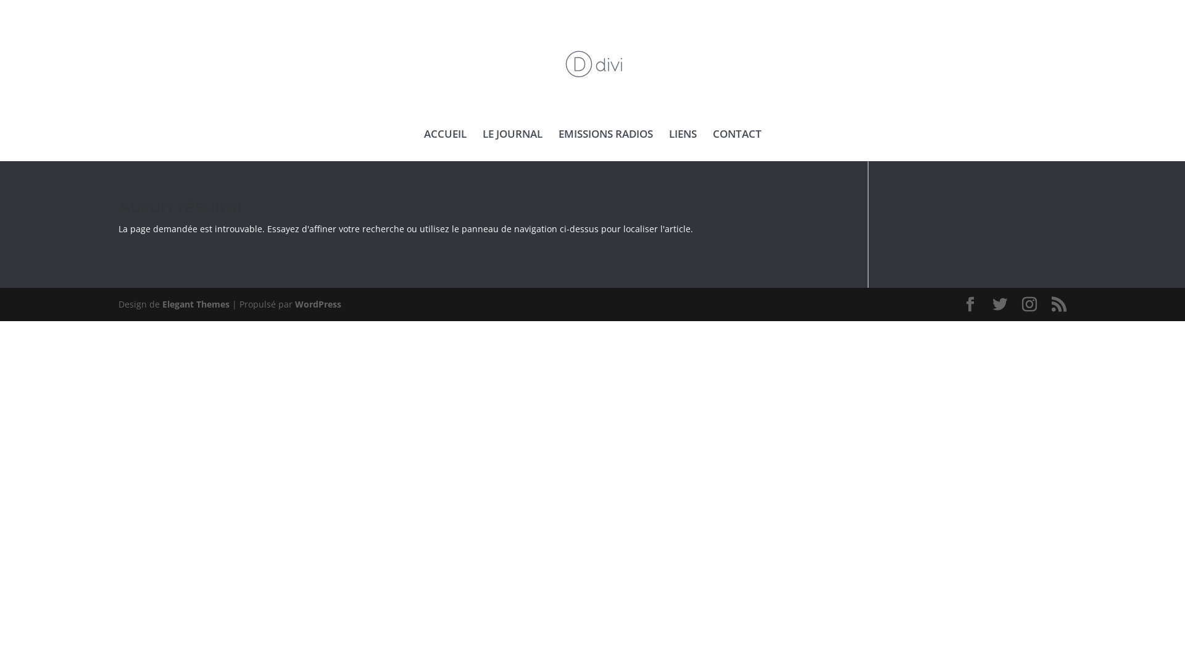  What do you see at coordinates (318, 304) in the screenshot?
I see `'WordPress'` at bounding box center [318, 304].